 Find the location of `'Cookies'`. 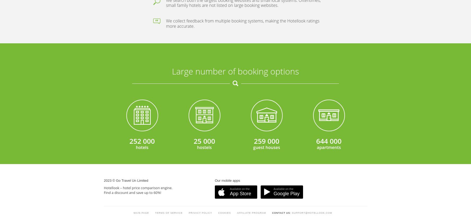

'Cookies' is located at coordinates (224, 84).